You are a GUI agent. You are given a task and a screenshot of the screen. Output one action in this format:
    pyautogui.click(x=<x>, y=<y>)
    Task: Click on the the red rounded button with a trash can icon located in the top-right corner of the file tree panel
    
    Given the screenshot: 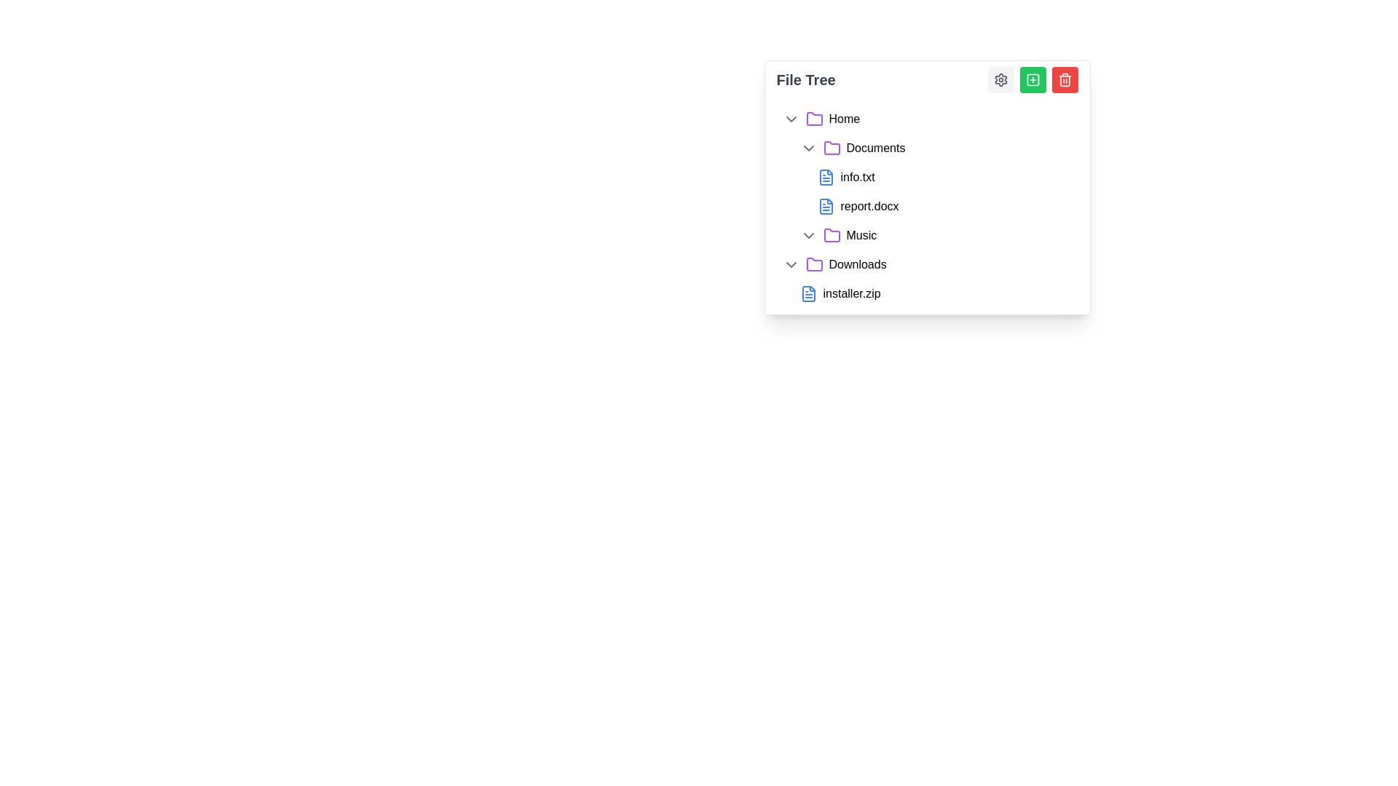 What is the action you would take?
    pyautogui.click(x=1065, y=80)
    